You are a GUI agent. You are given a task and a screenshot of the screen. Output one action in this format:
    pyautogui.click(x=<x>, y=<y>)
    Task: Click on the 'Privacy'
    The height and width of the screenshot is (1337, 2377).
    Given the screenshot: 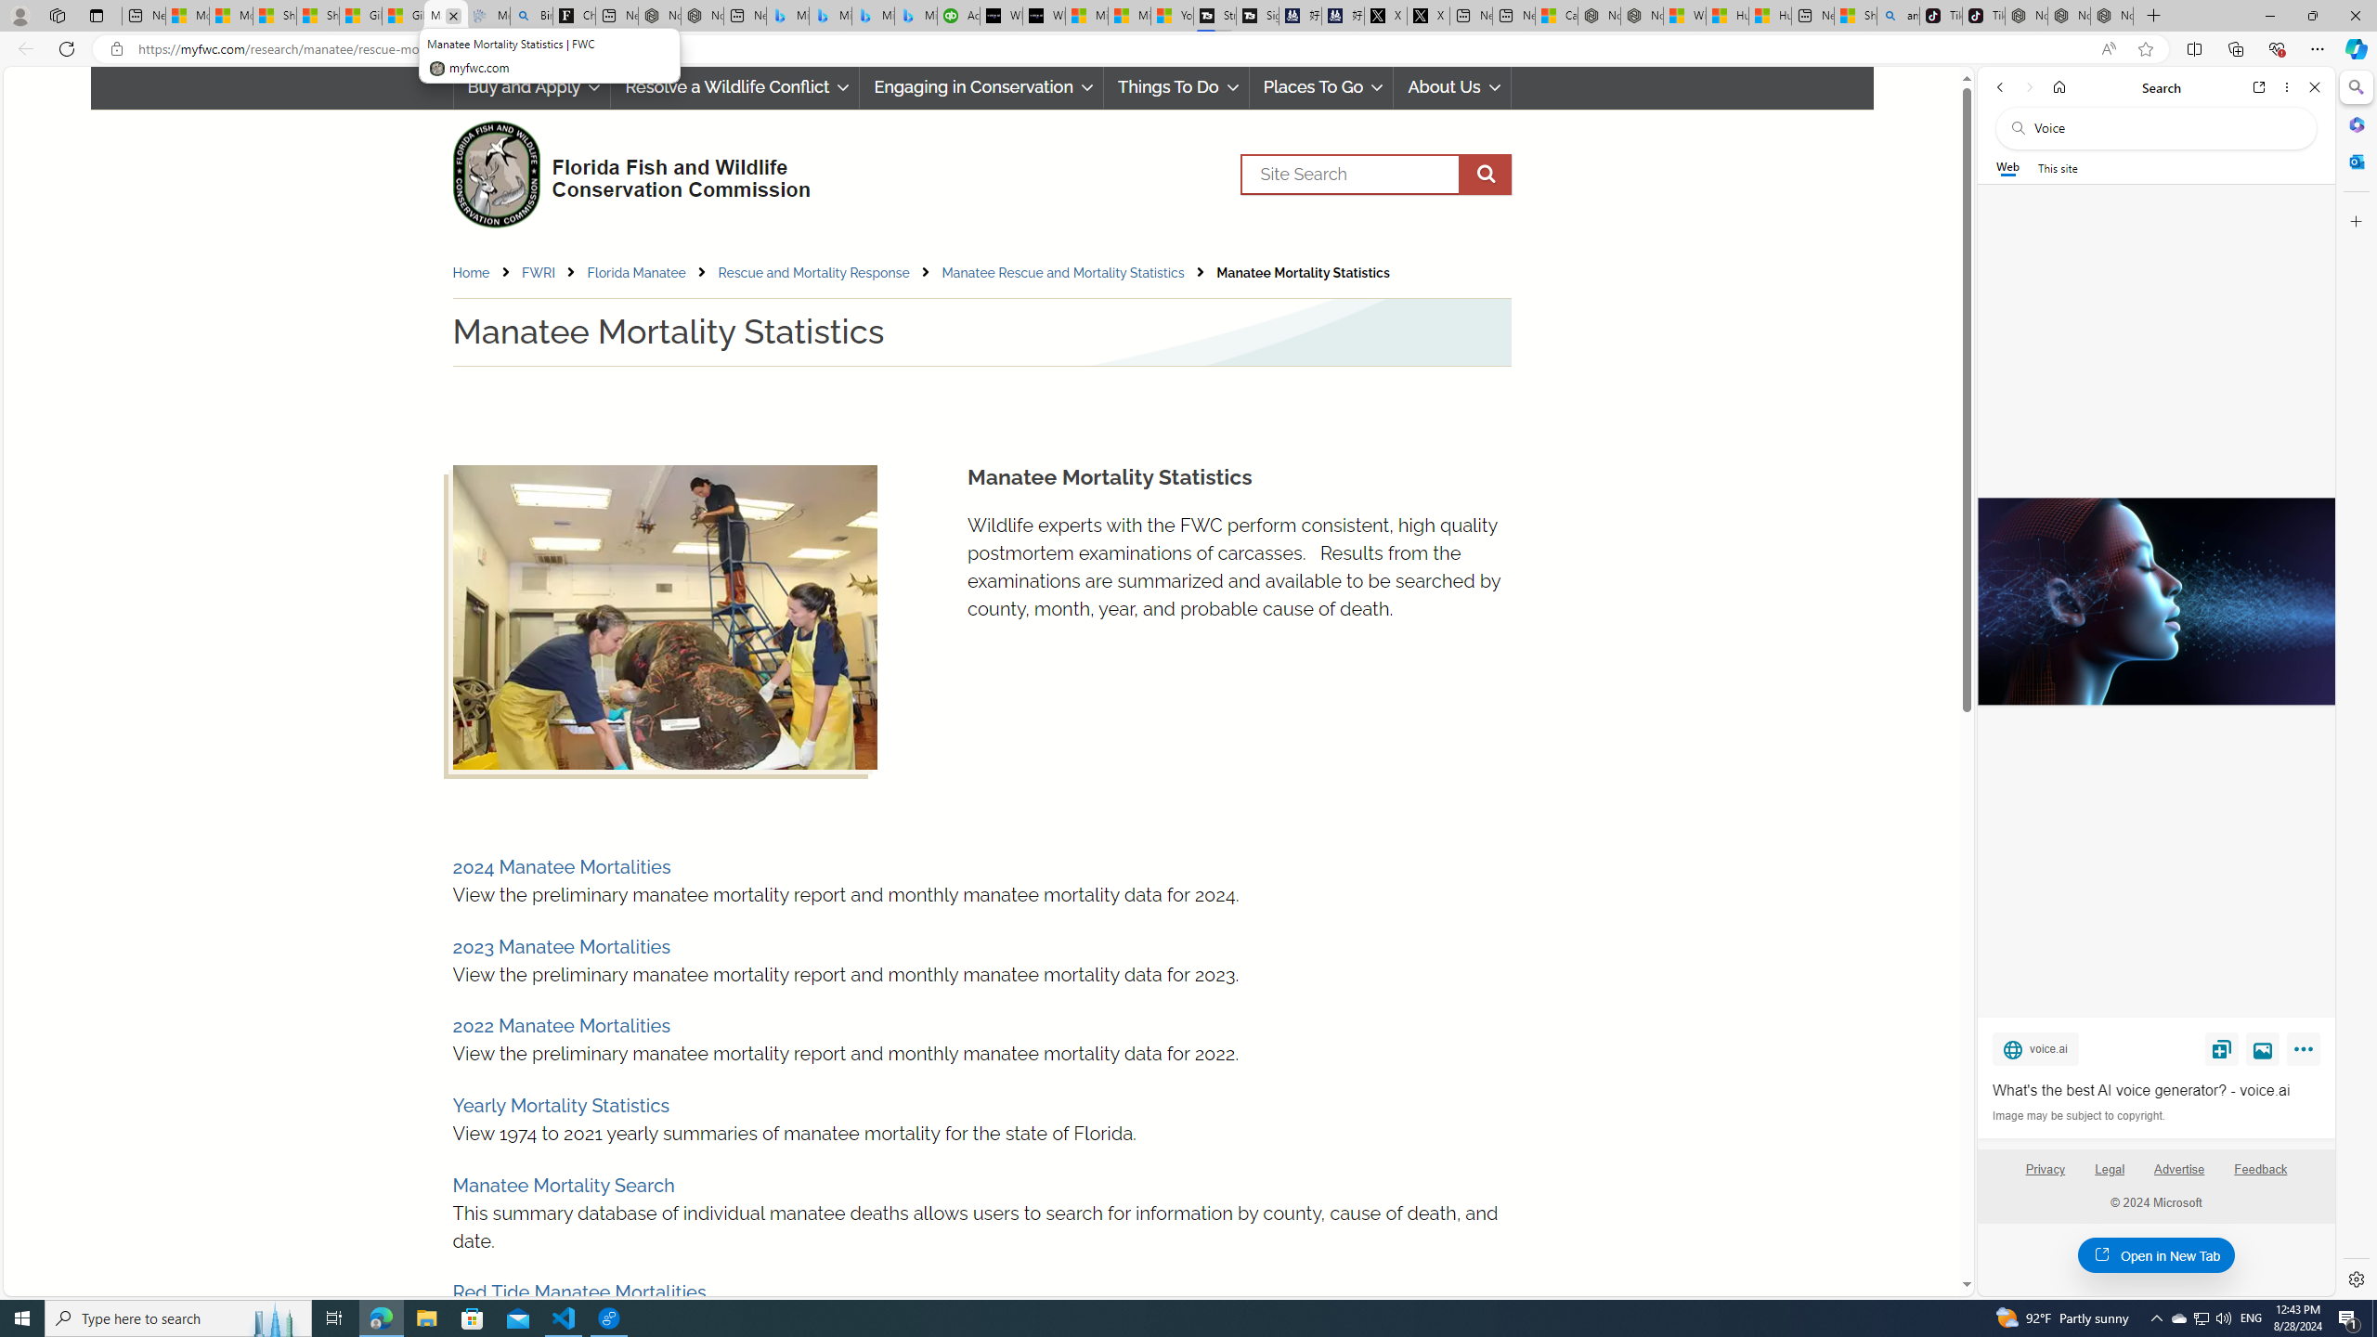 What is the action you would take?
    pyautogui.click(x=2044, y=1169)
    